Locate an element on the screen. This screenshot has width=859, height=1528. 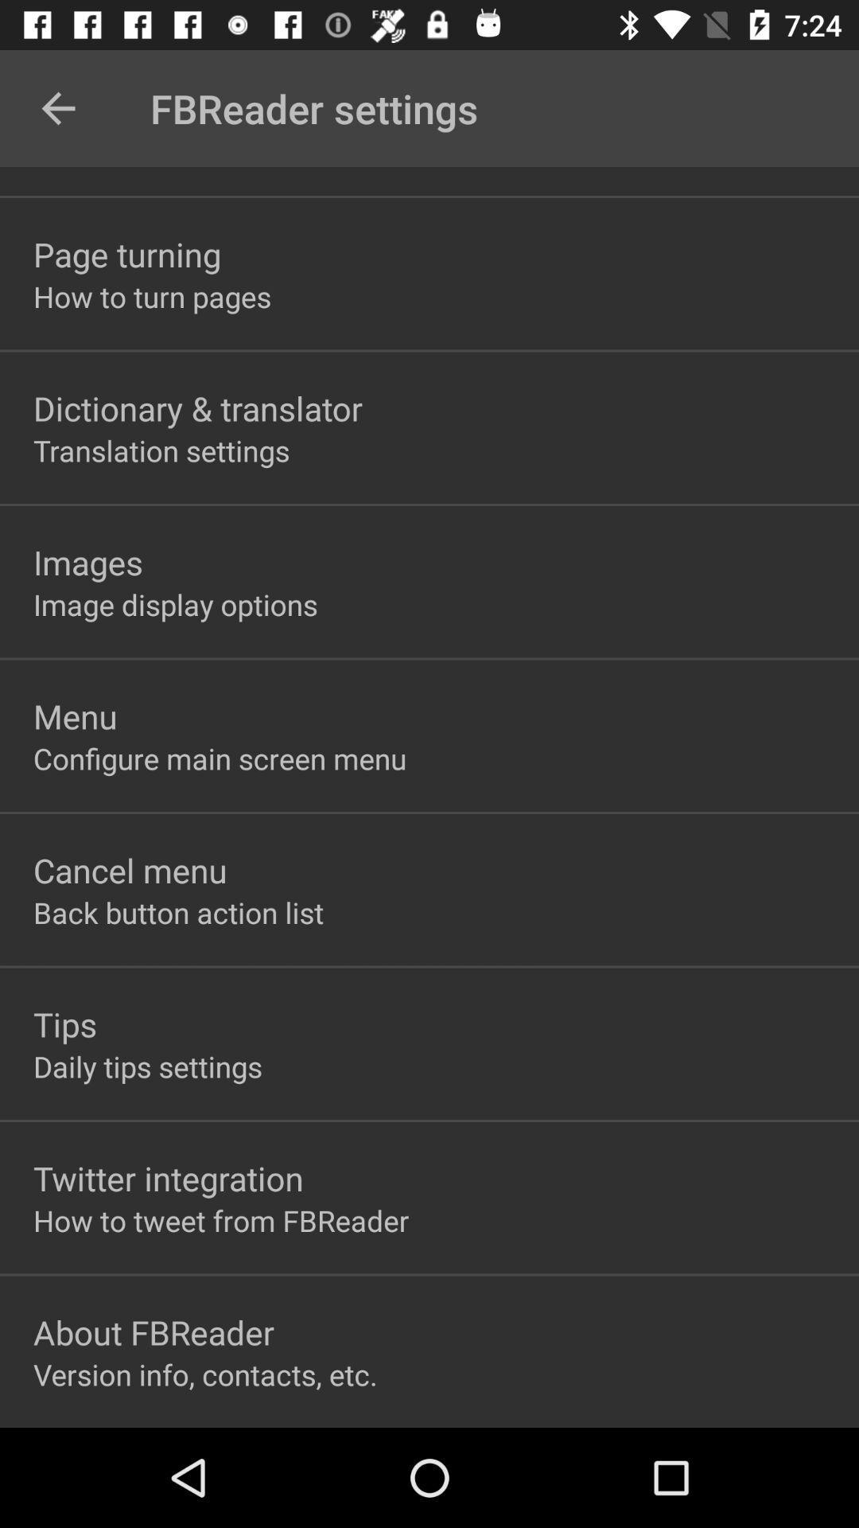
the item below the daily tips settings icon is located at coordinates (168, 1178).